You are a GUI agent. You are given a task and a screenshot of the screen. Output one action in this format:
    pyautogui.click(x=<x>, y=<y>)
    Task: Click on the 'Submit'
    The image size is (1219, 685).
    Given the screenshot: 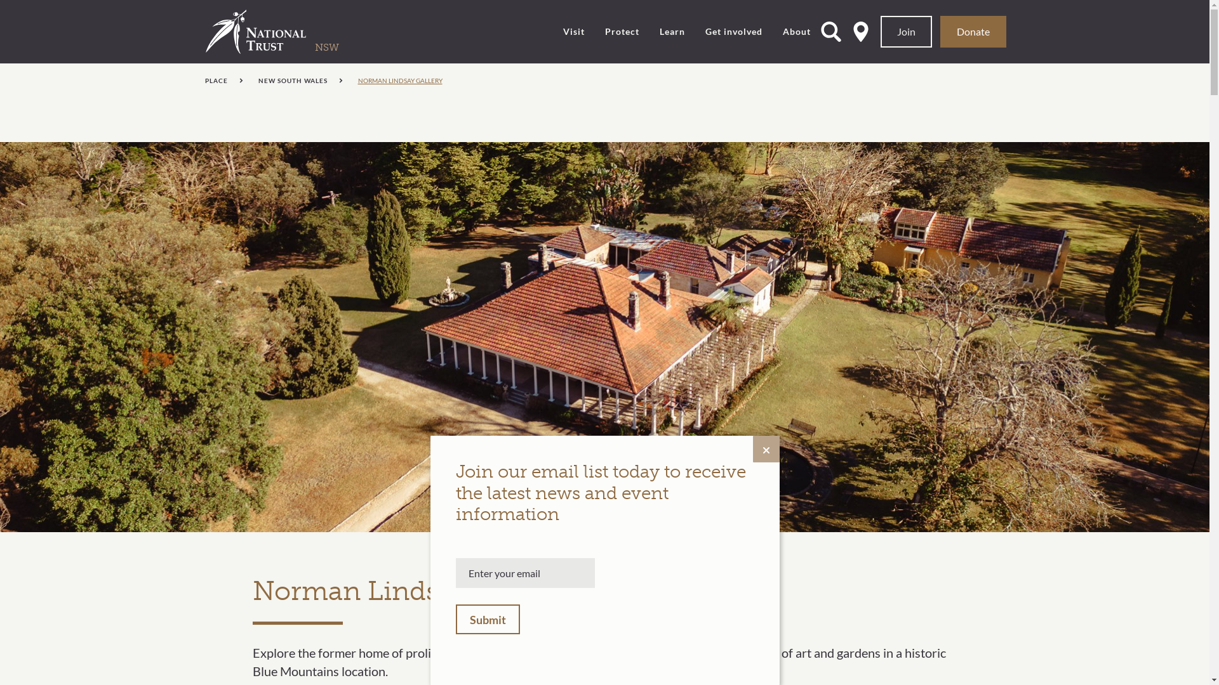 What is the action you would take?
    pyautogui.click(x=456, y=618)
    